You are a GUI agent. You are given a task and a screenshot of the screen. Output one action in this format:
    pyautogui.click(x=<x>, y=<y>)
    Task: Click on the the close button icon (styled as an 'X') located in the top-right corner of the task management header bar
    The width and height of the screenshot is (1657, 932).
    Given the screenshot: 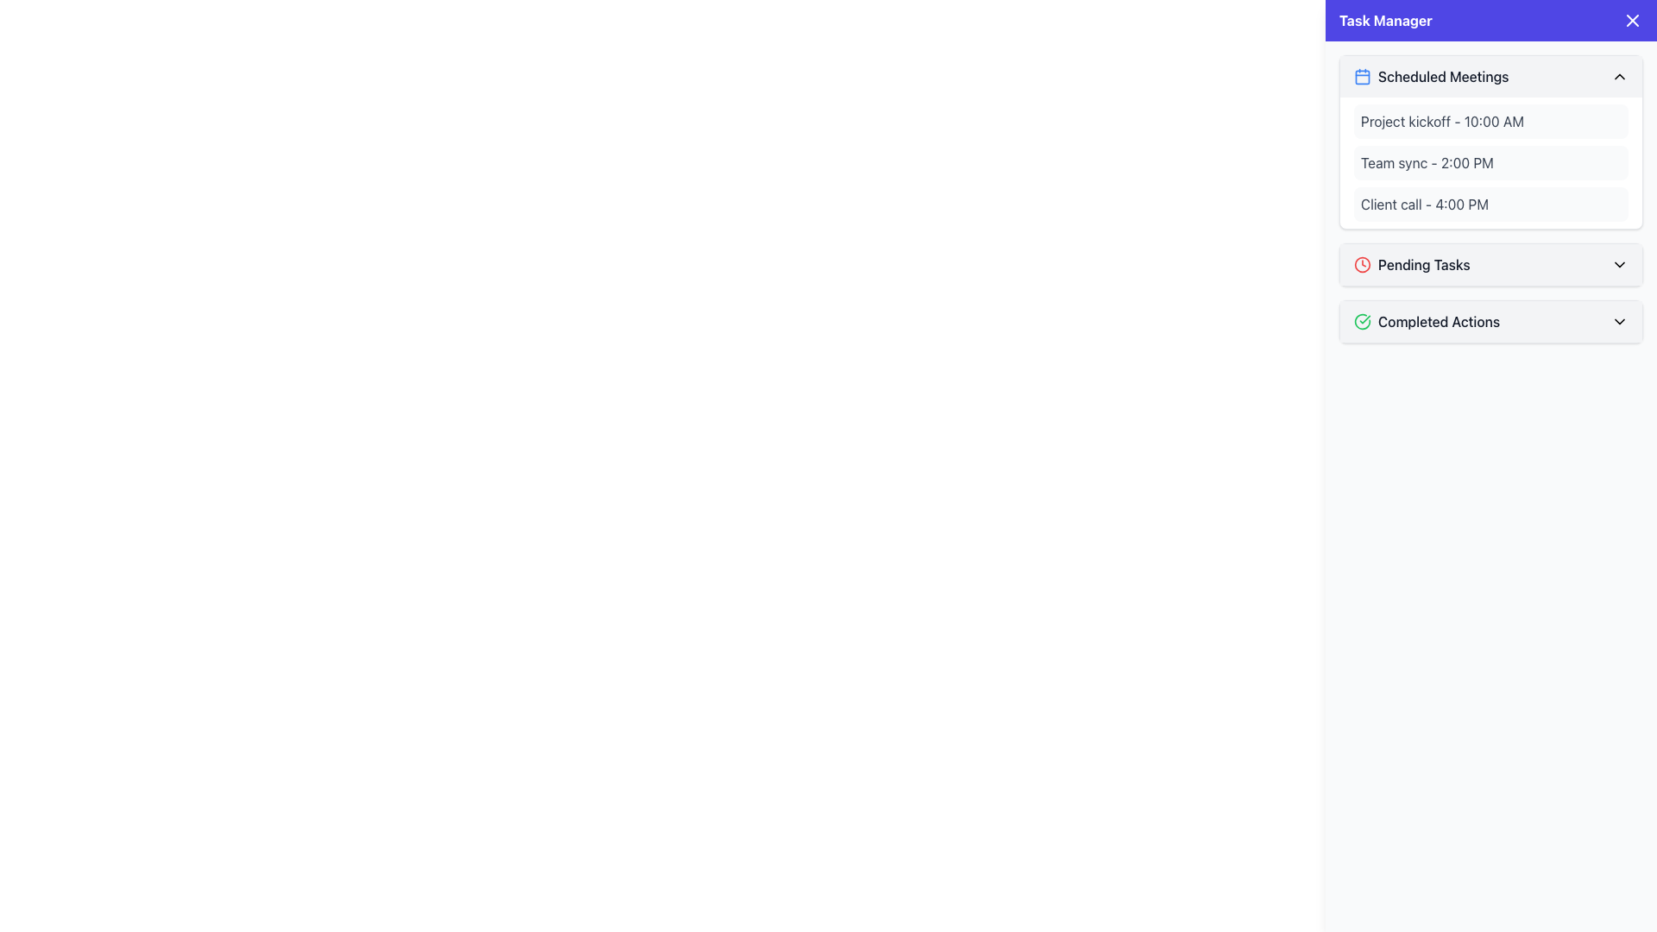 What is the action you would take?
    pyautogui.click(x=1631, y=20)
    